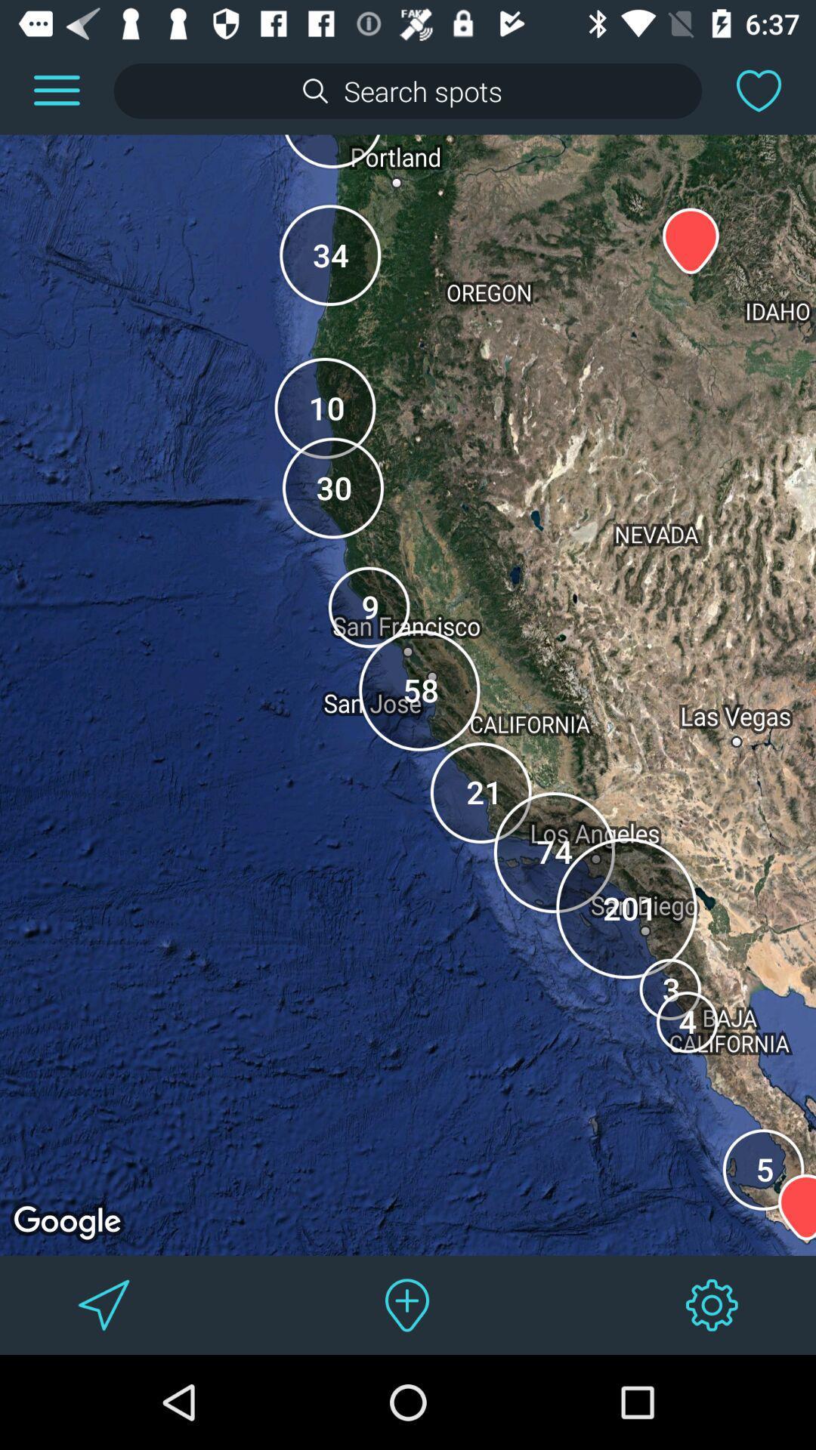 Image resolution: width=816 pixels, height=1450 pixels. I want to click on the navigation icon, so click(103, 1304).